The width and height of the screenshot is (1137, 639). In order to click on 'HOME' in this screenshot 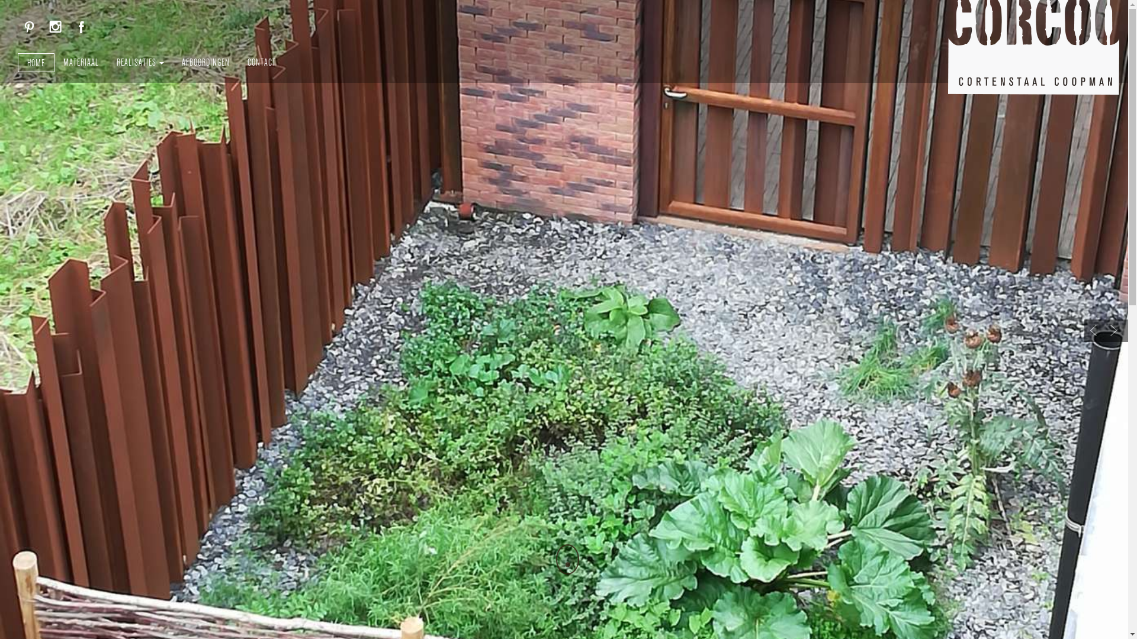, I will do `click(36, 62)`.